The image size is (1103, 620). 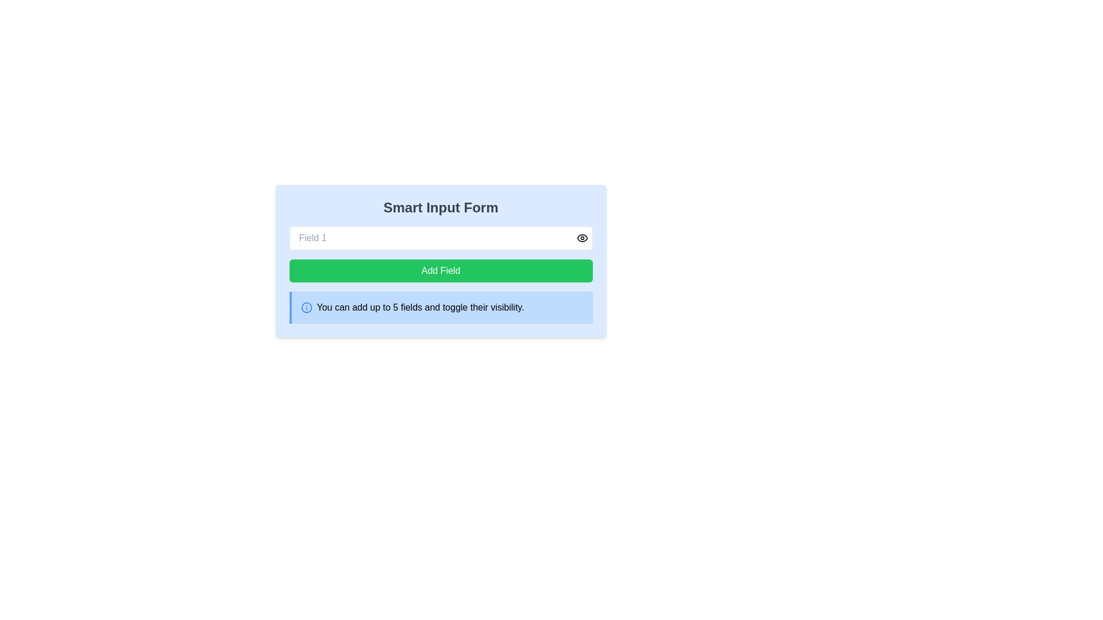 What do you see at coordinates (306, 307) in the screenshot?
I see `the informational icon located at the leftmost side of the section containing the text 'You can add up to 5 fields and toggle their visibility.'` at bounding box center [306, 307].